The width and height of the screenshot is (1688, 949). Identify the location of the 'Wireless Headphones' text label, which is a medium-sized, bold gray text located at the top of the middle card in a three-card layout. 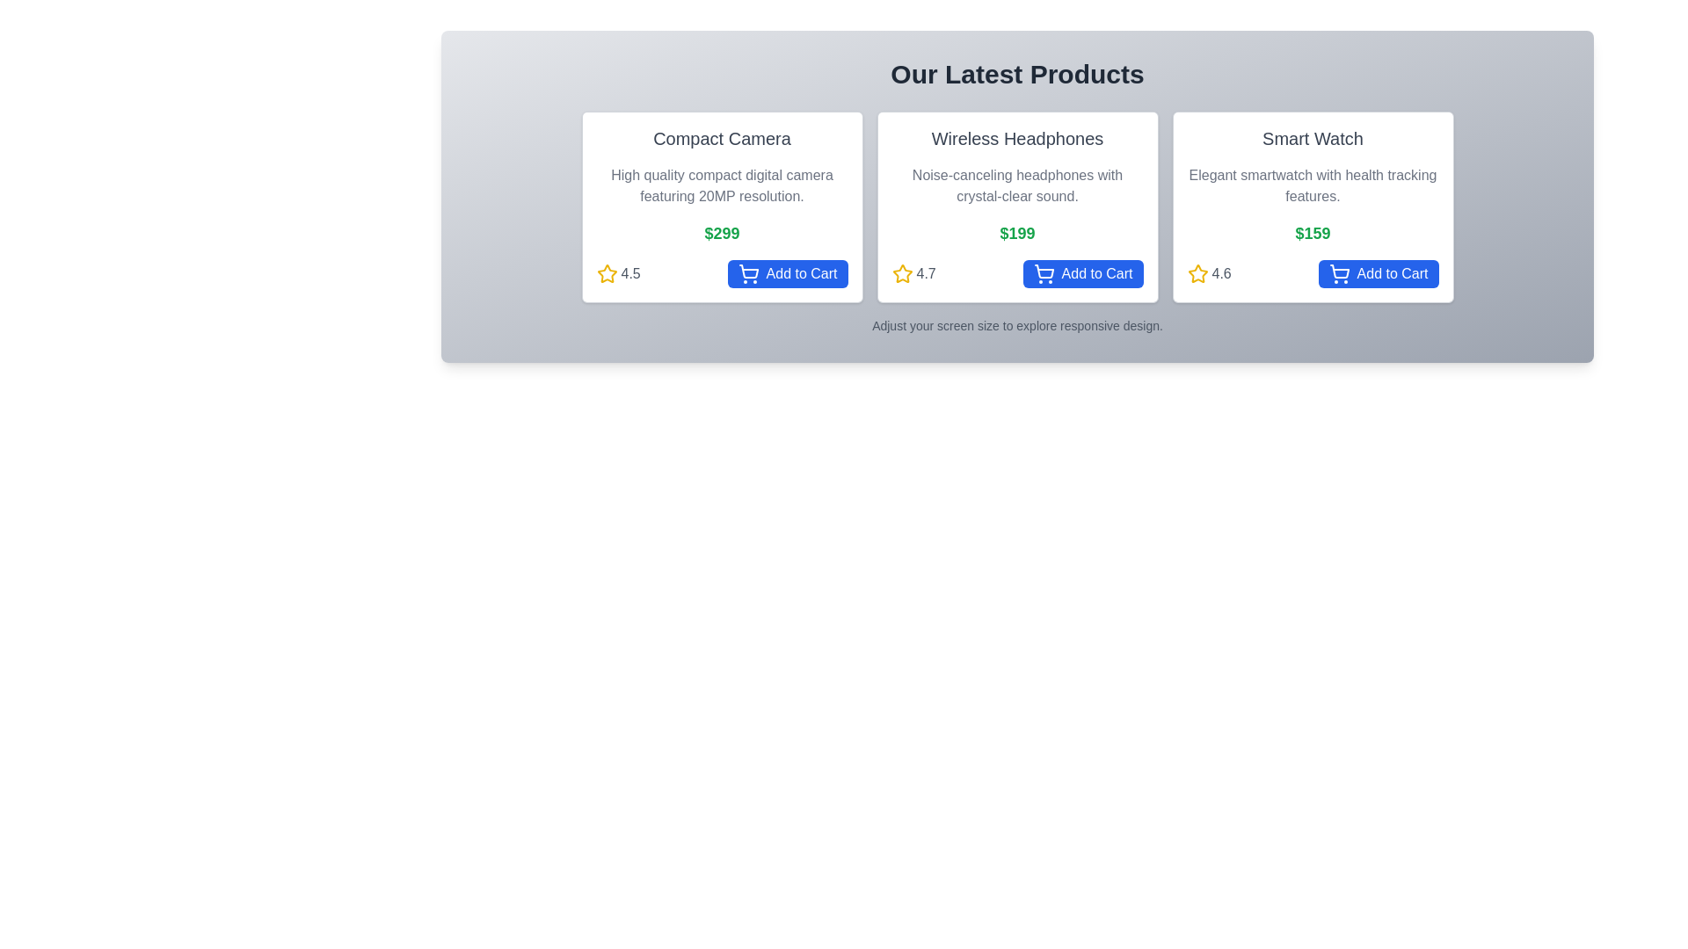
(1017, 138).